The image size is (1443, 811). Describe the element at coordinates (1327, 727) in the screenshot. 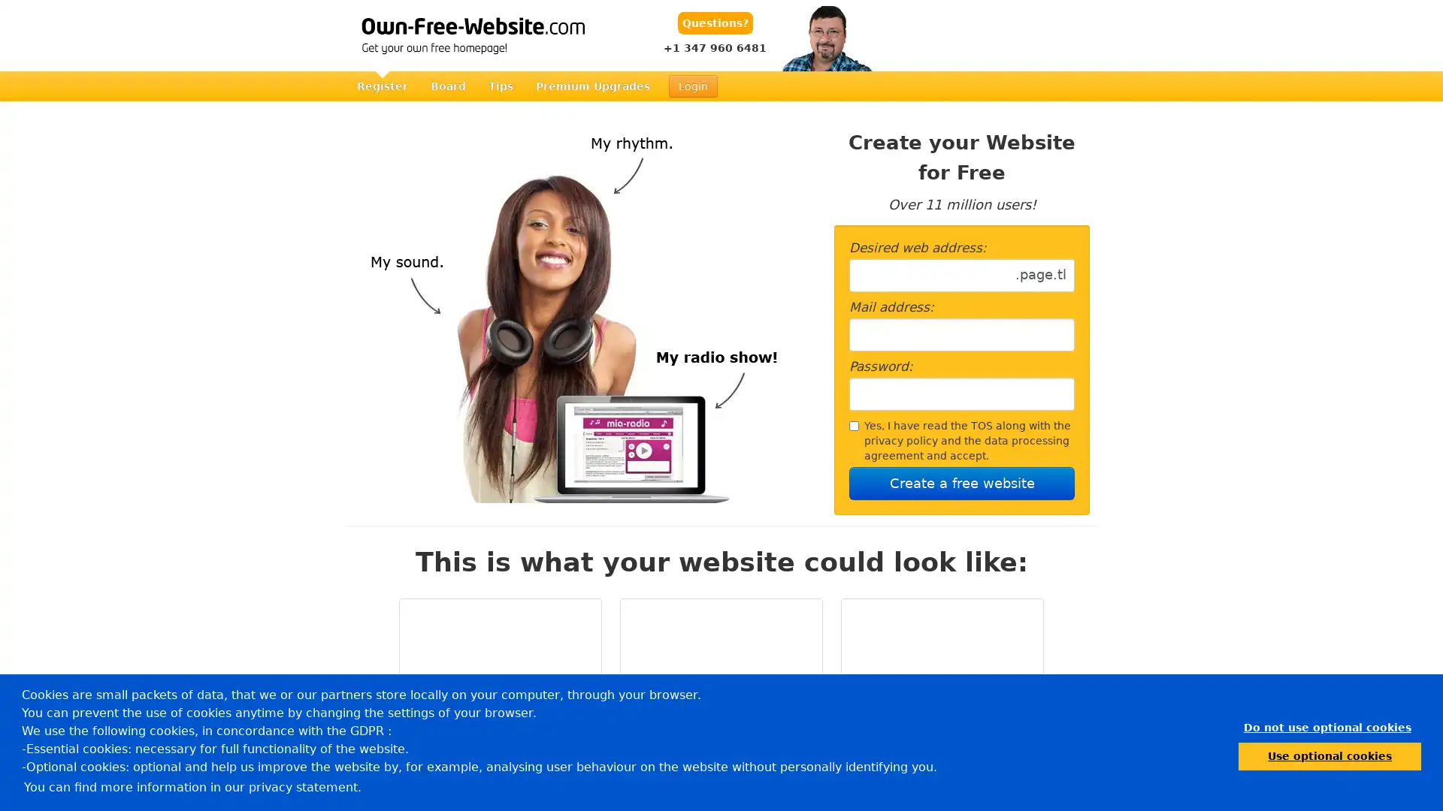

I see `dismiss cookie message` at that location.